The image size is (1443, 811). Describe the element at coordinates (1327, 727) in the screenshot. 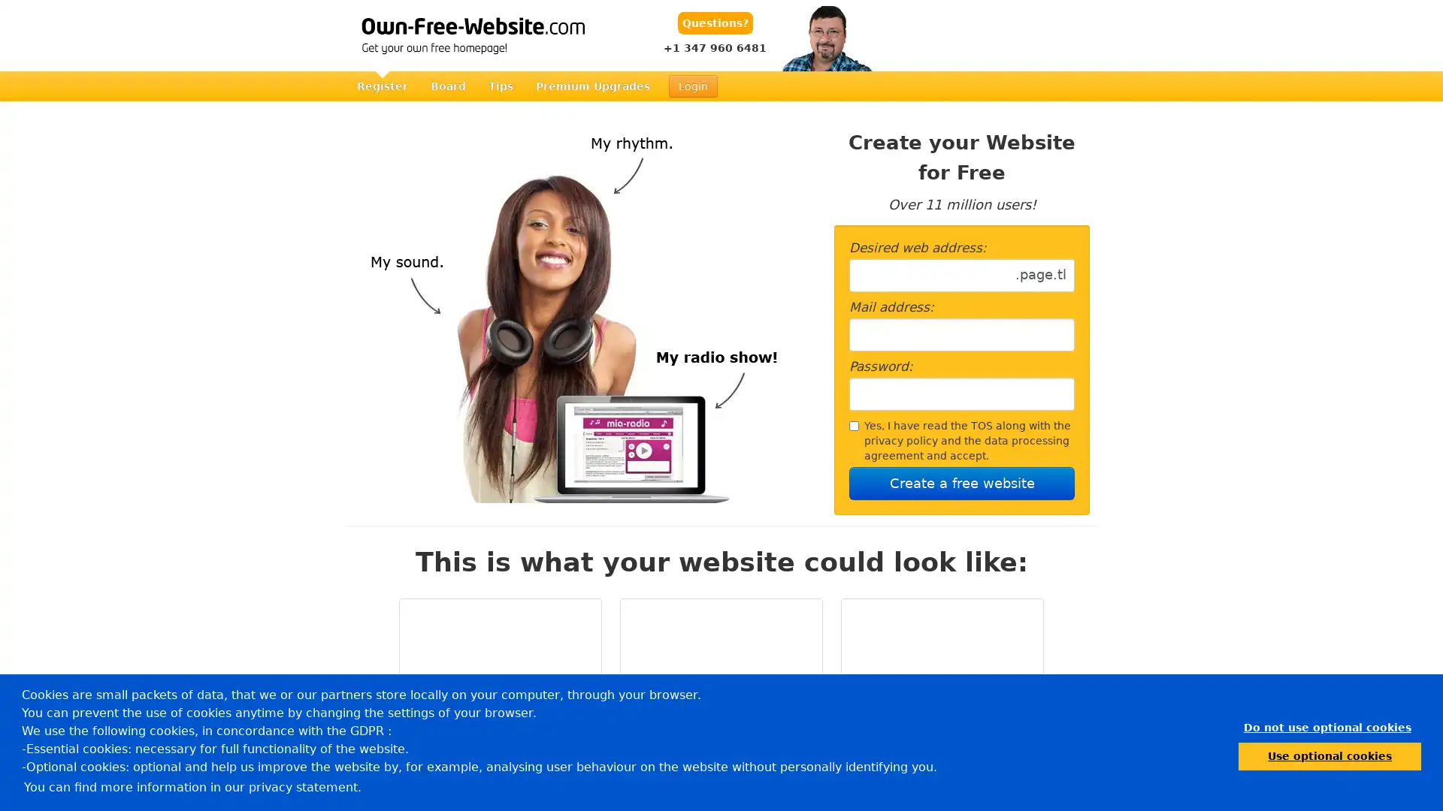

I see `dismiss cookie message` at that location.